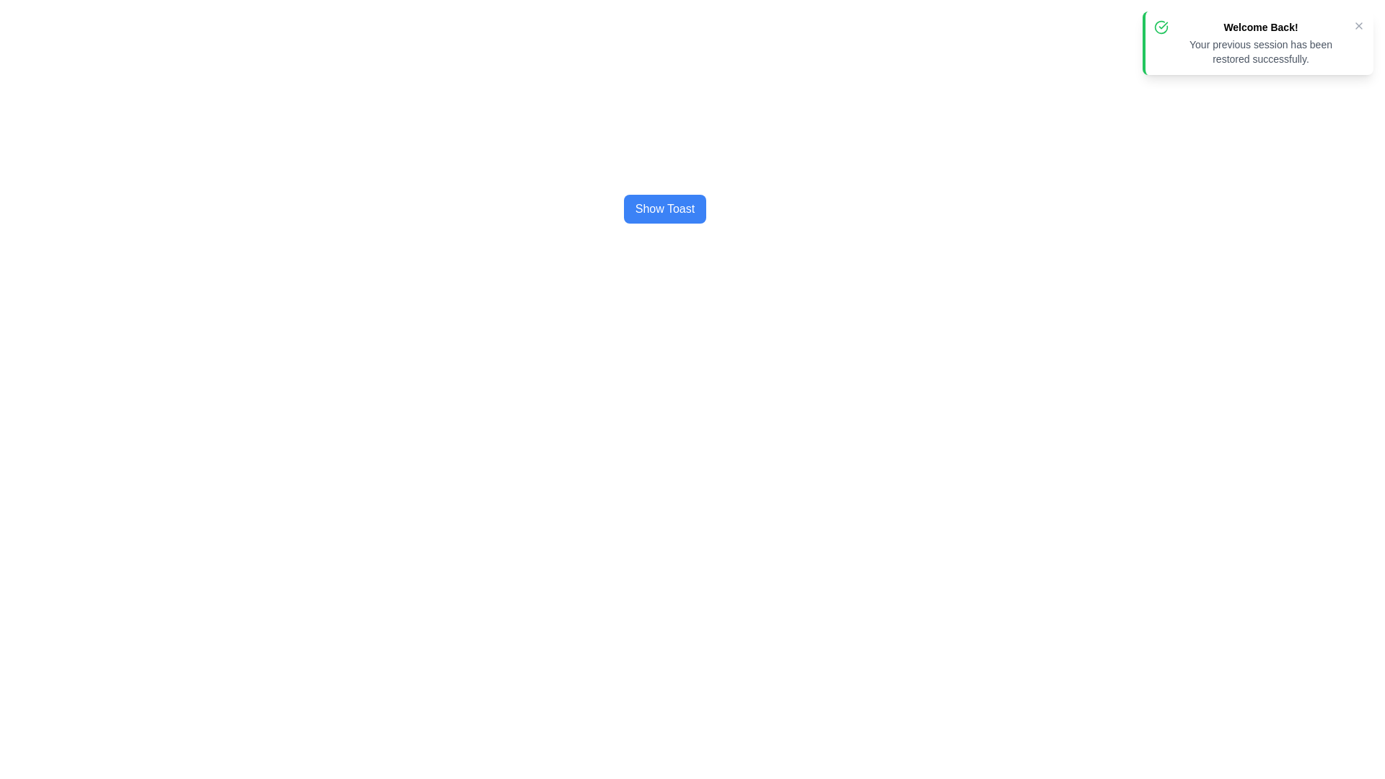 Image resolution: width=1385 pixels, height=779 pixels. I want to click on text content of the notification message indicating that the previous session has been successfully restored, located in the top-right corner of the interface, so click(1259, 43).